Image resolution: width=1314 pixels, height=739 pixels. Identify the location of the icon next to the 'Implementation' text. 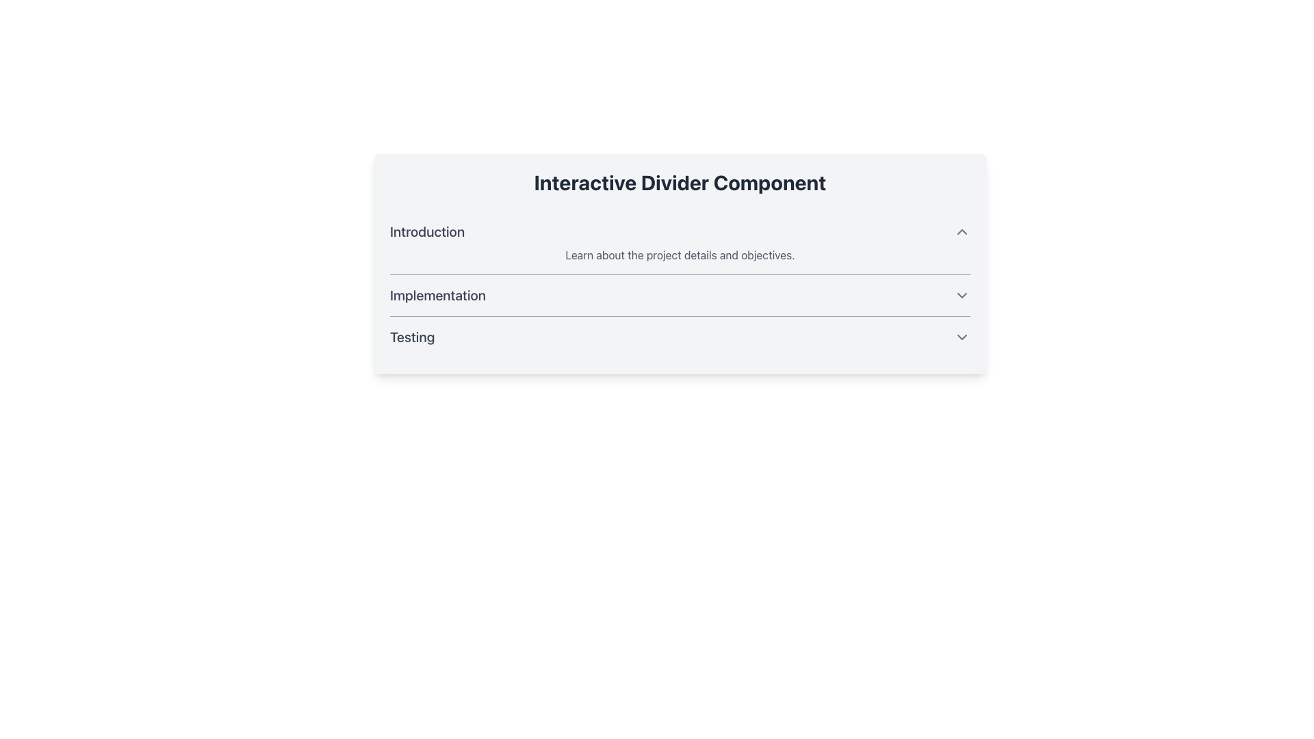
(962, 295).